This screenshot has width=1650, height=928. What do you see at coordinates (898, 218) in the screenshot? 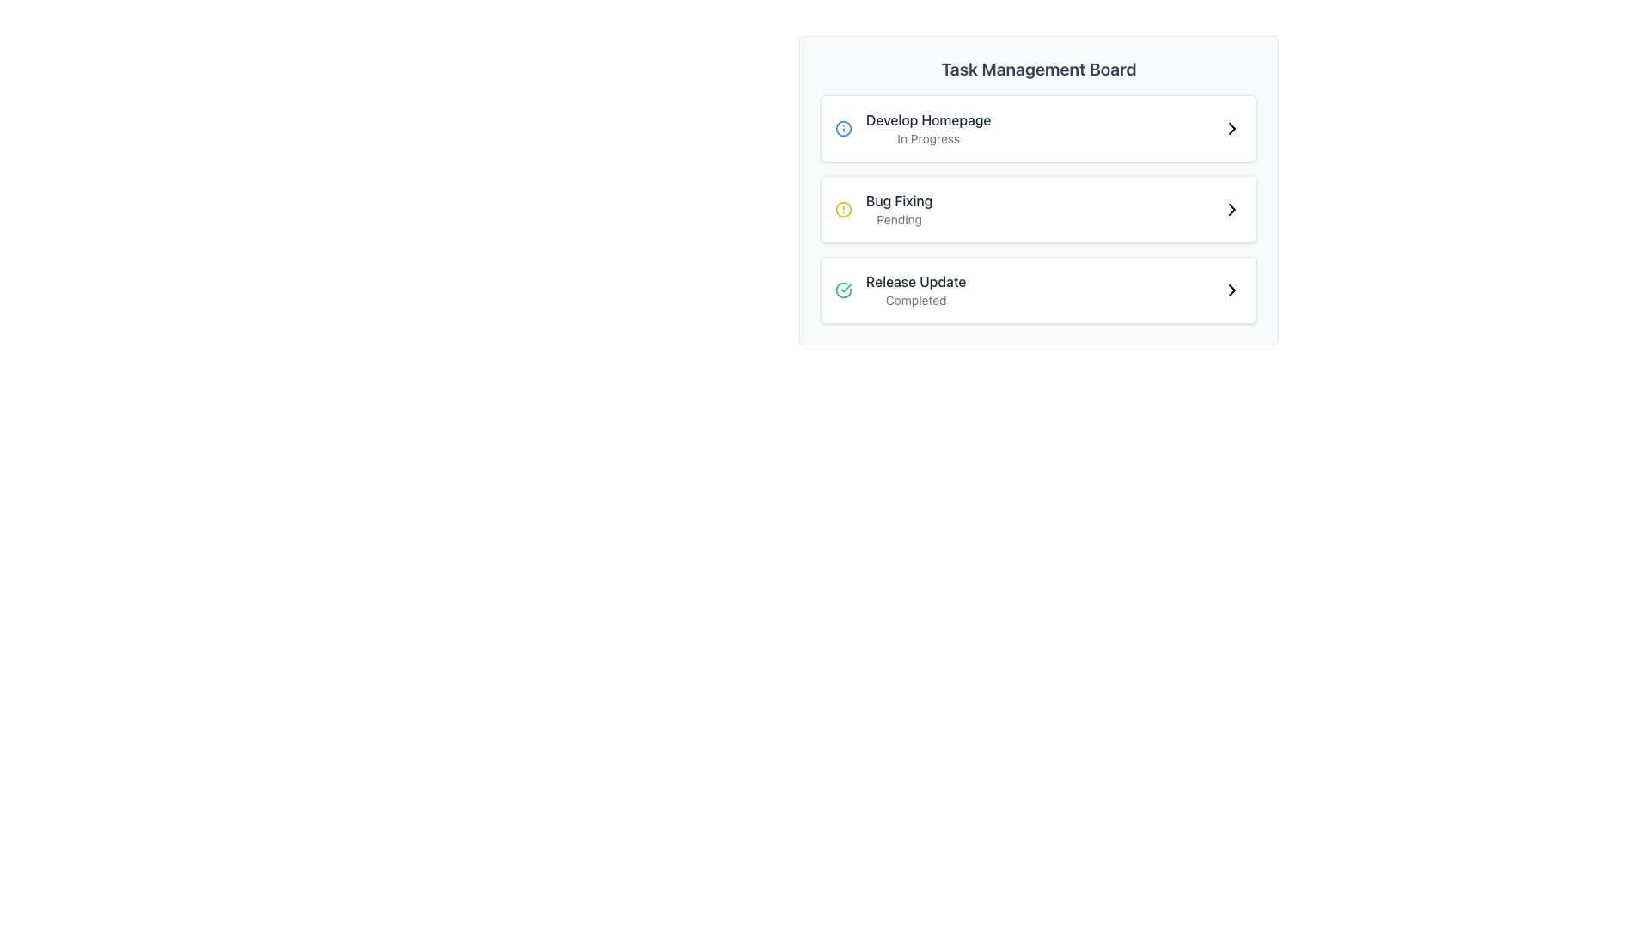
I see `the status indicator text label that shows 'Bug Fixing' is currently pending, located in the third row of the 'Task Management Board' beneath the 'Bug Fixing' label` at bounding box center [898, 218].